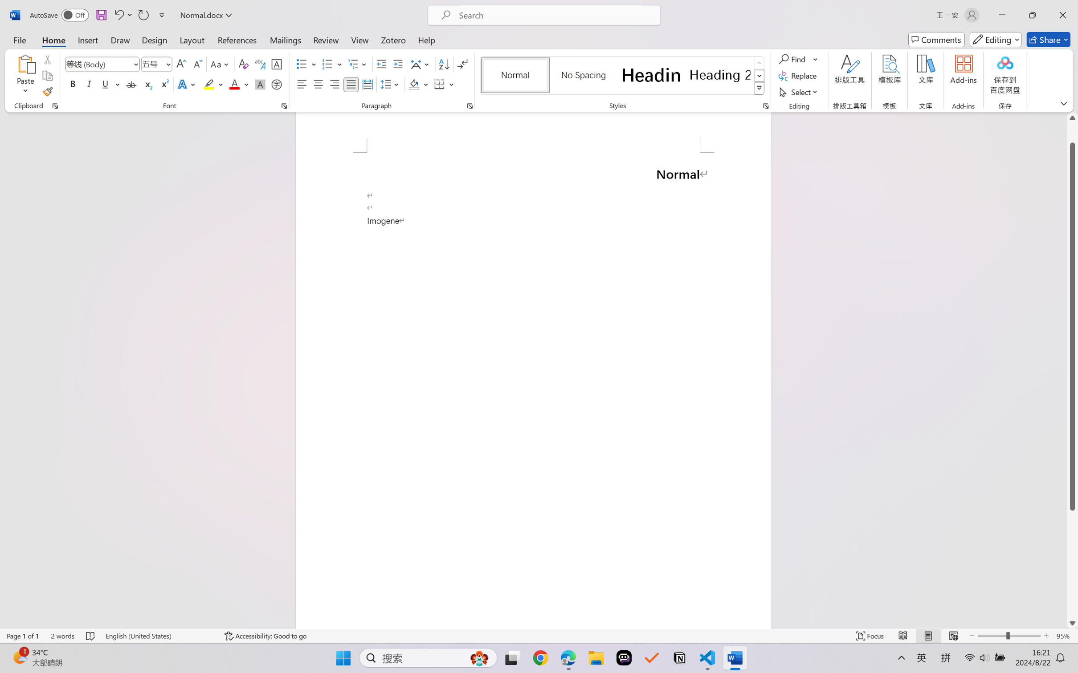 Image resolution: width=1078 pixels, height=673 pixels. Describe the element at coordinates (118, 15) in the screenshot. I see `'Undo Style'` at that location.